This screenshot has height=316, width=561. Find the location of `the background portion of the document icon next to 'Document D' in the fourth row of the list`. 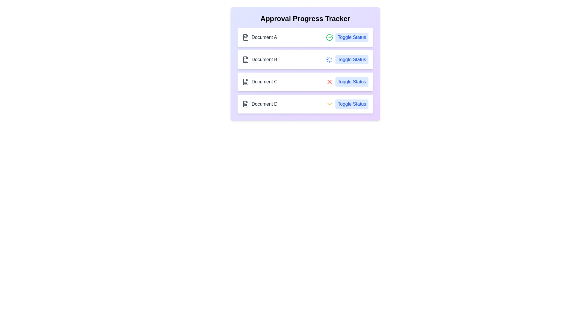

the background portion of the document icon next to 'Document D' in the fourth row of the list is located at coordinates (245, 104).